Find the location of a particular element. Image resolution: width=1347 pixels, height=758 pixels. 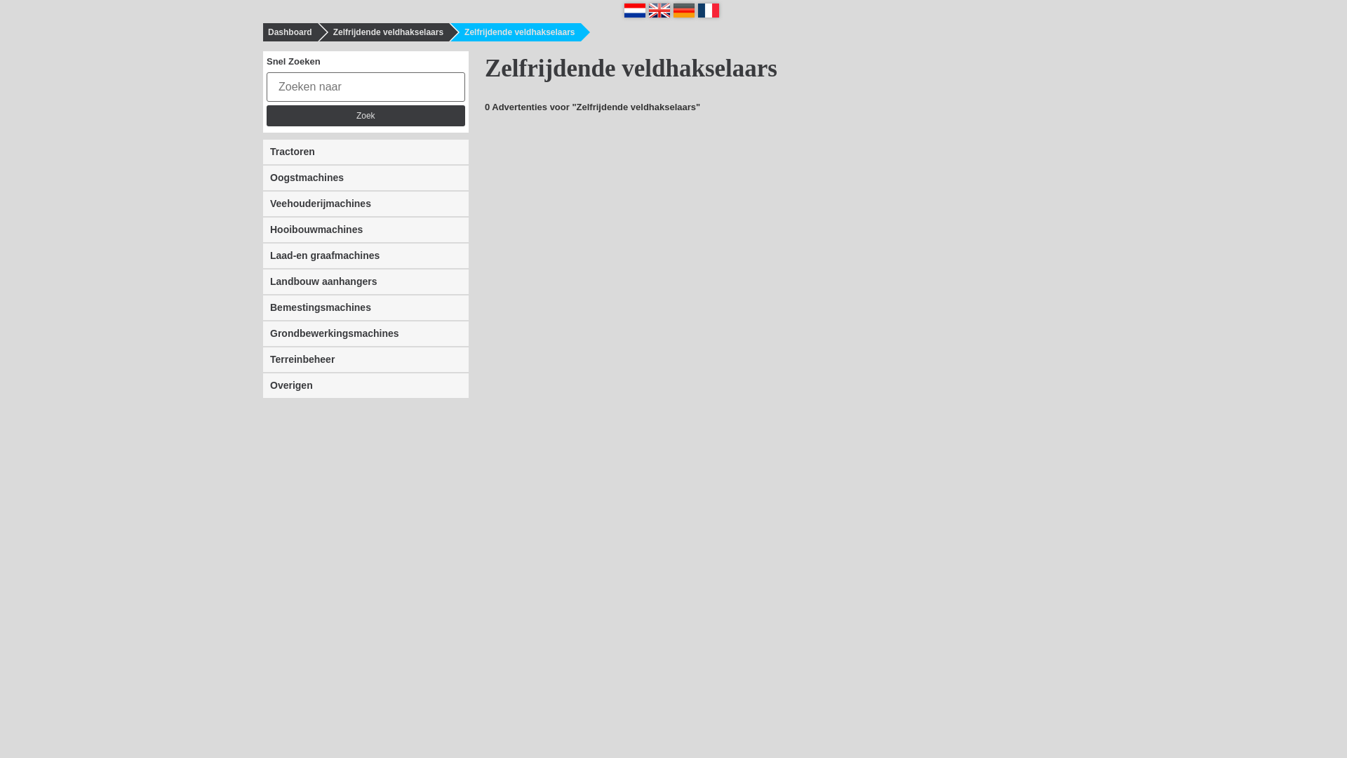

'Zoek' is located at coordinates (266, 115).